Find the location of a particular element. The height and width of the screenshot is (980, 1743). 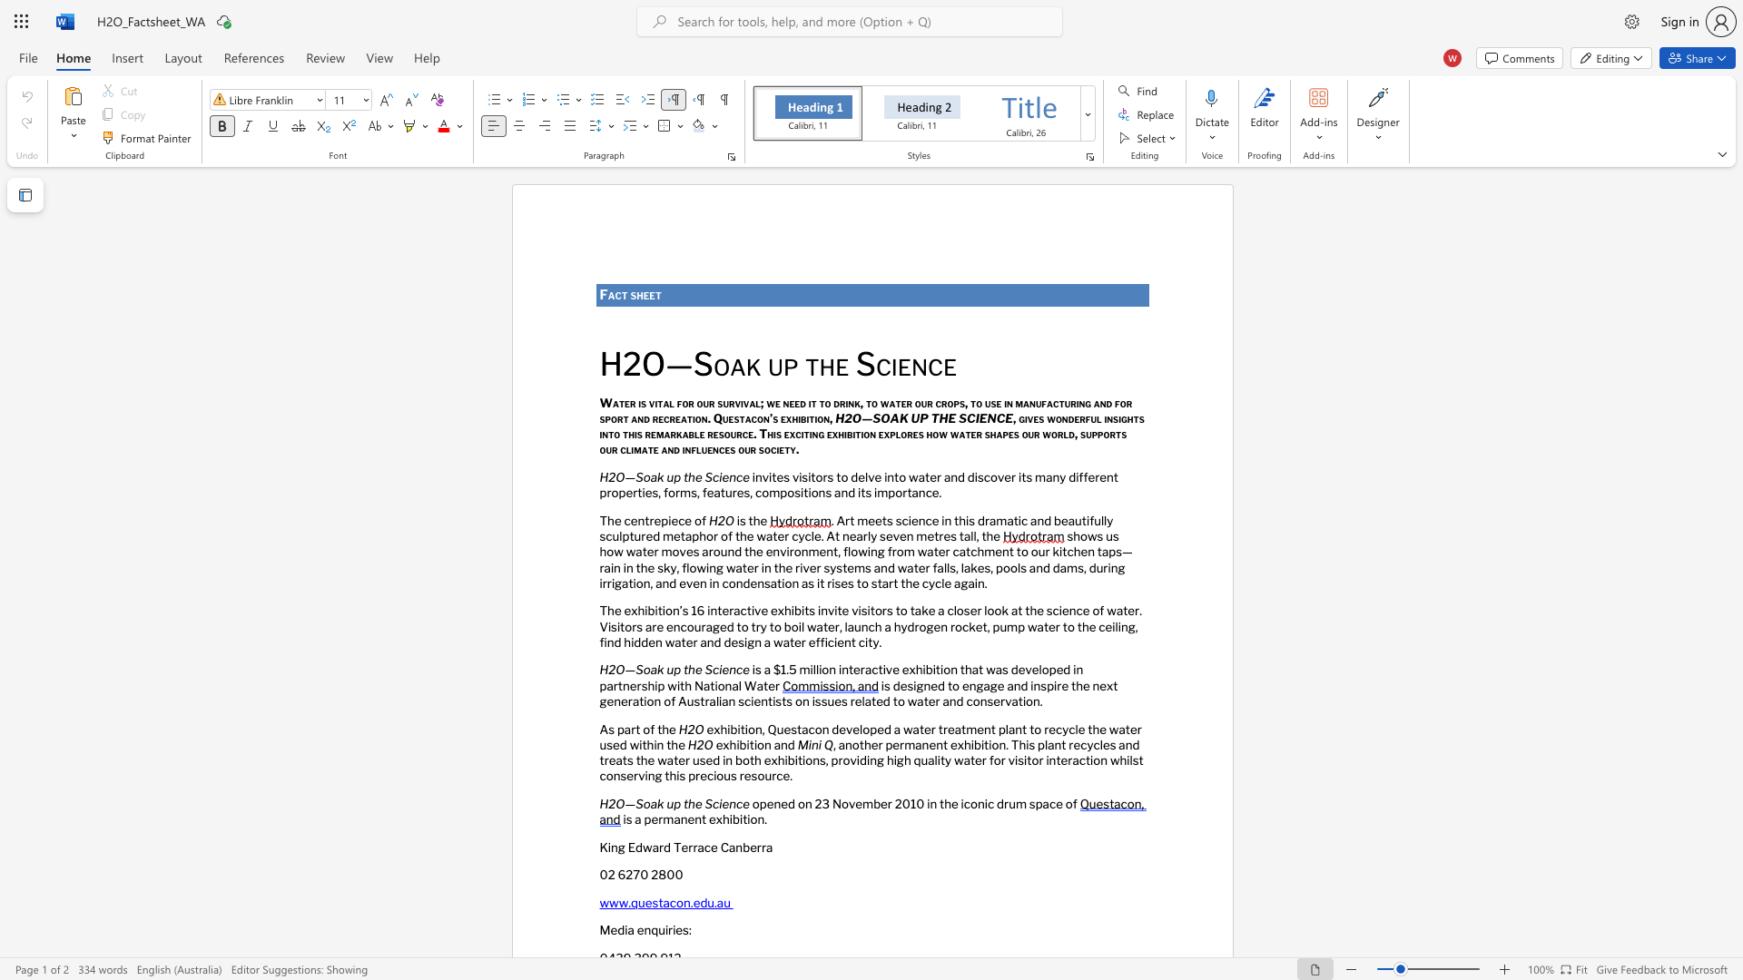

the subset text "Fact shee" within the text "Fact sheet" is located at coordinates (599, 294).